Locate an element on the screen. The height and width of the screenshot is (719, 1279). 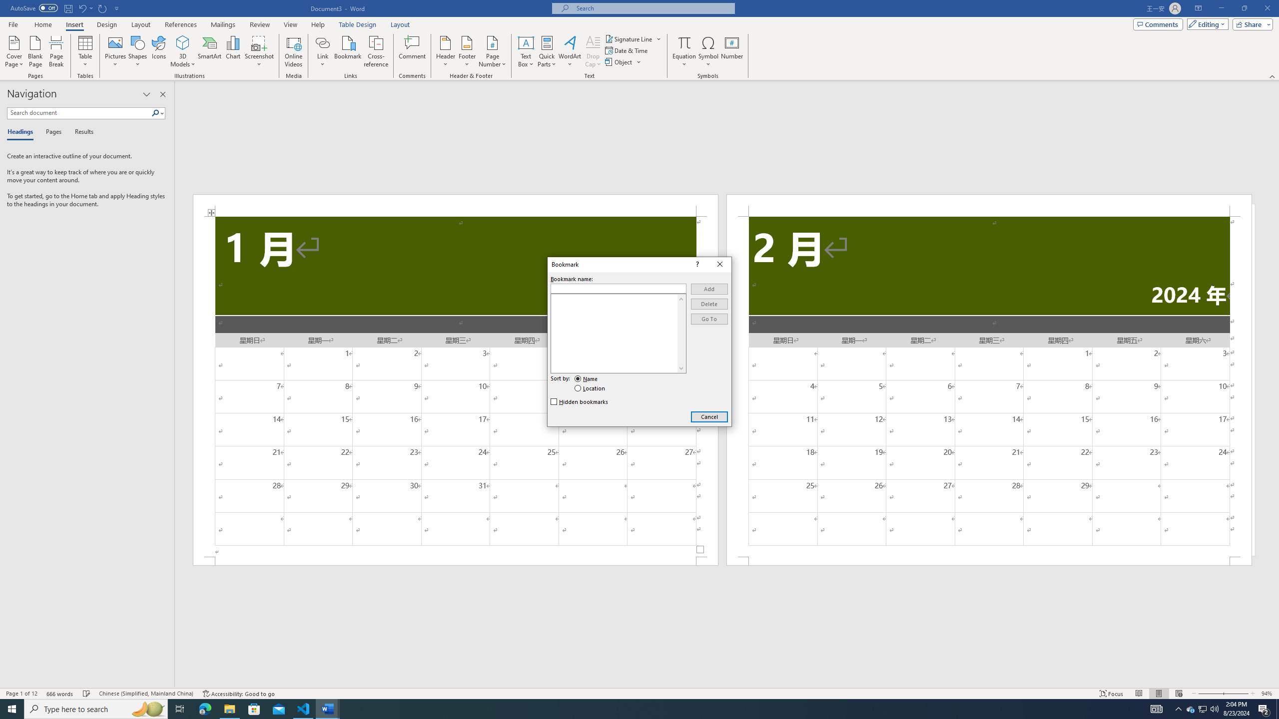
'Drop Cap' is located at coordinates (593, 51).